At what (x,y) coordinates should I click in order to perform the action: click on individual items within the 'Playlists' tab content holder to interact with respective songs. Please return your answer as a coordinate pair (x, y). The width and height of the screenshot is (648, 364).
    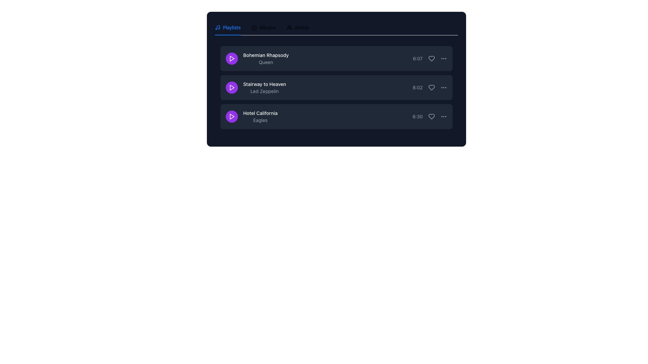
    Looking at the image, I should click on (336, 89).